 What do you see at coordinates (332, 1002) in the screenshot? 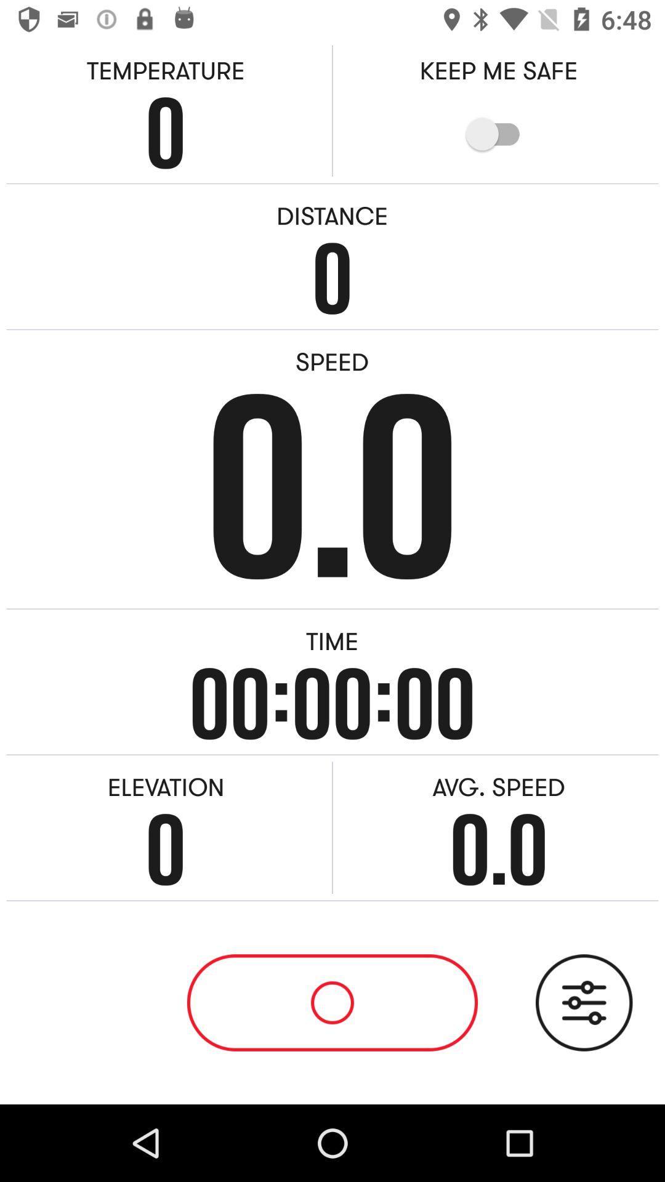
I see `begin recording` at bounding box center [332, 1002].